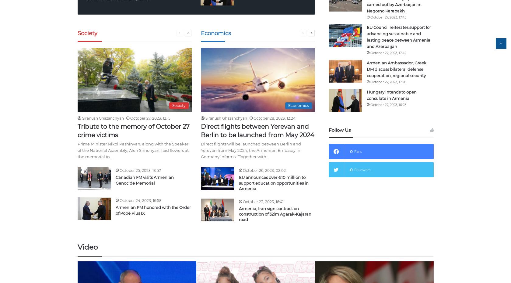  I want to click on 'Followers', so click(362, 169).